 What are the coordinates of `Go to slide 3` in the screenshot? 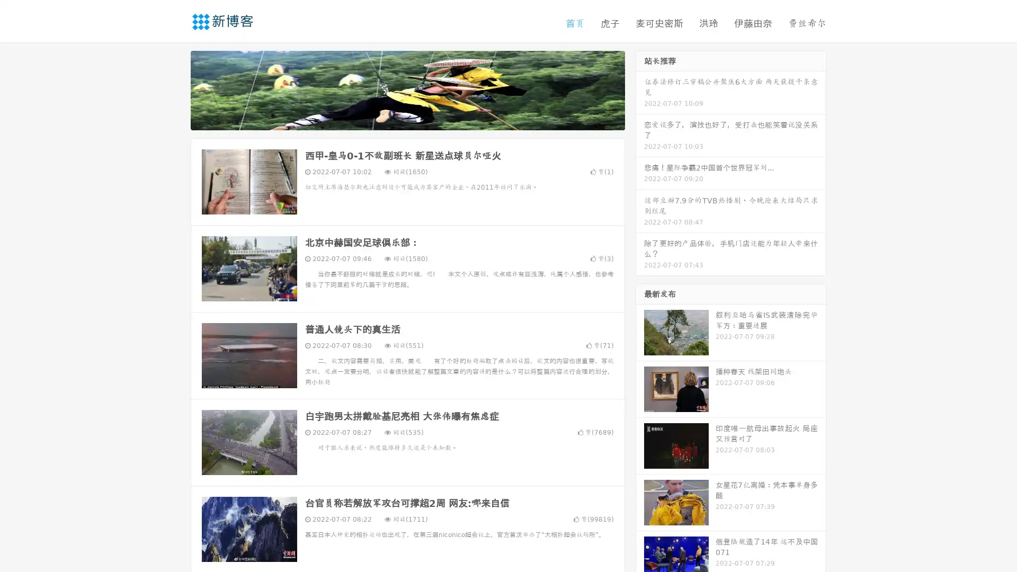 It's located at (418, 119).